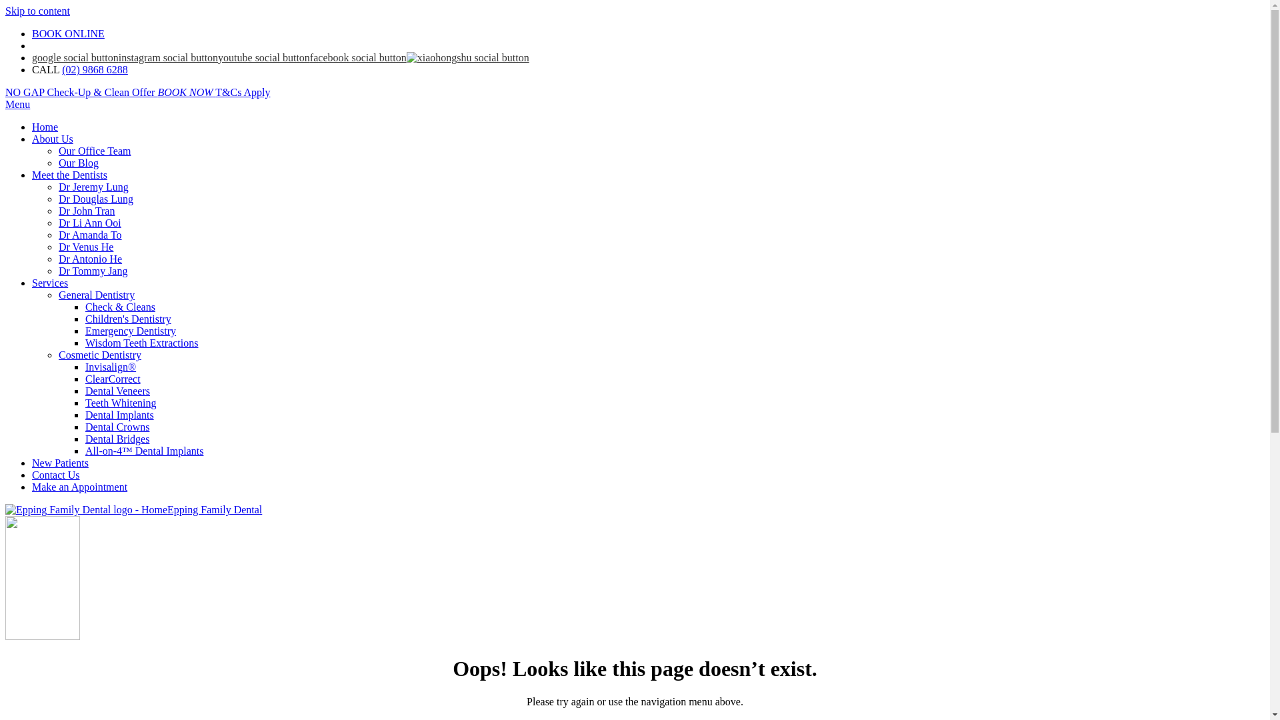  What do you see at coordinates (57, 259) in the screenshot?
I see `'Dr Antonio He'` at bounding box center [57, 259].